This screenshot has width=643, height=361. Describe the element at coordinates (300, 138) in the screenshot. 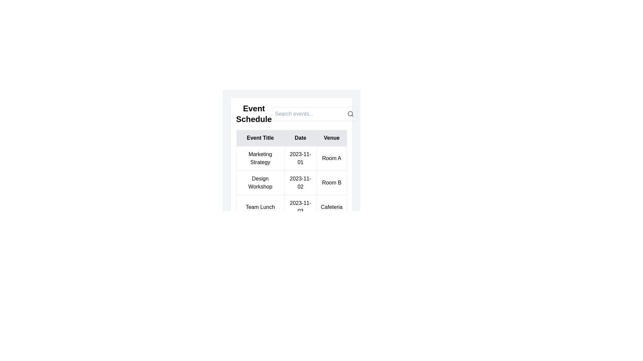

I see `the 'Date' header TextLabel, which is the second element in a series of three horizontally aligned elements in the header row of a table` at that location.